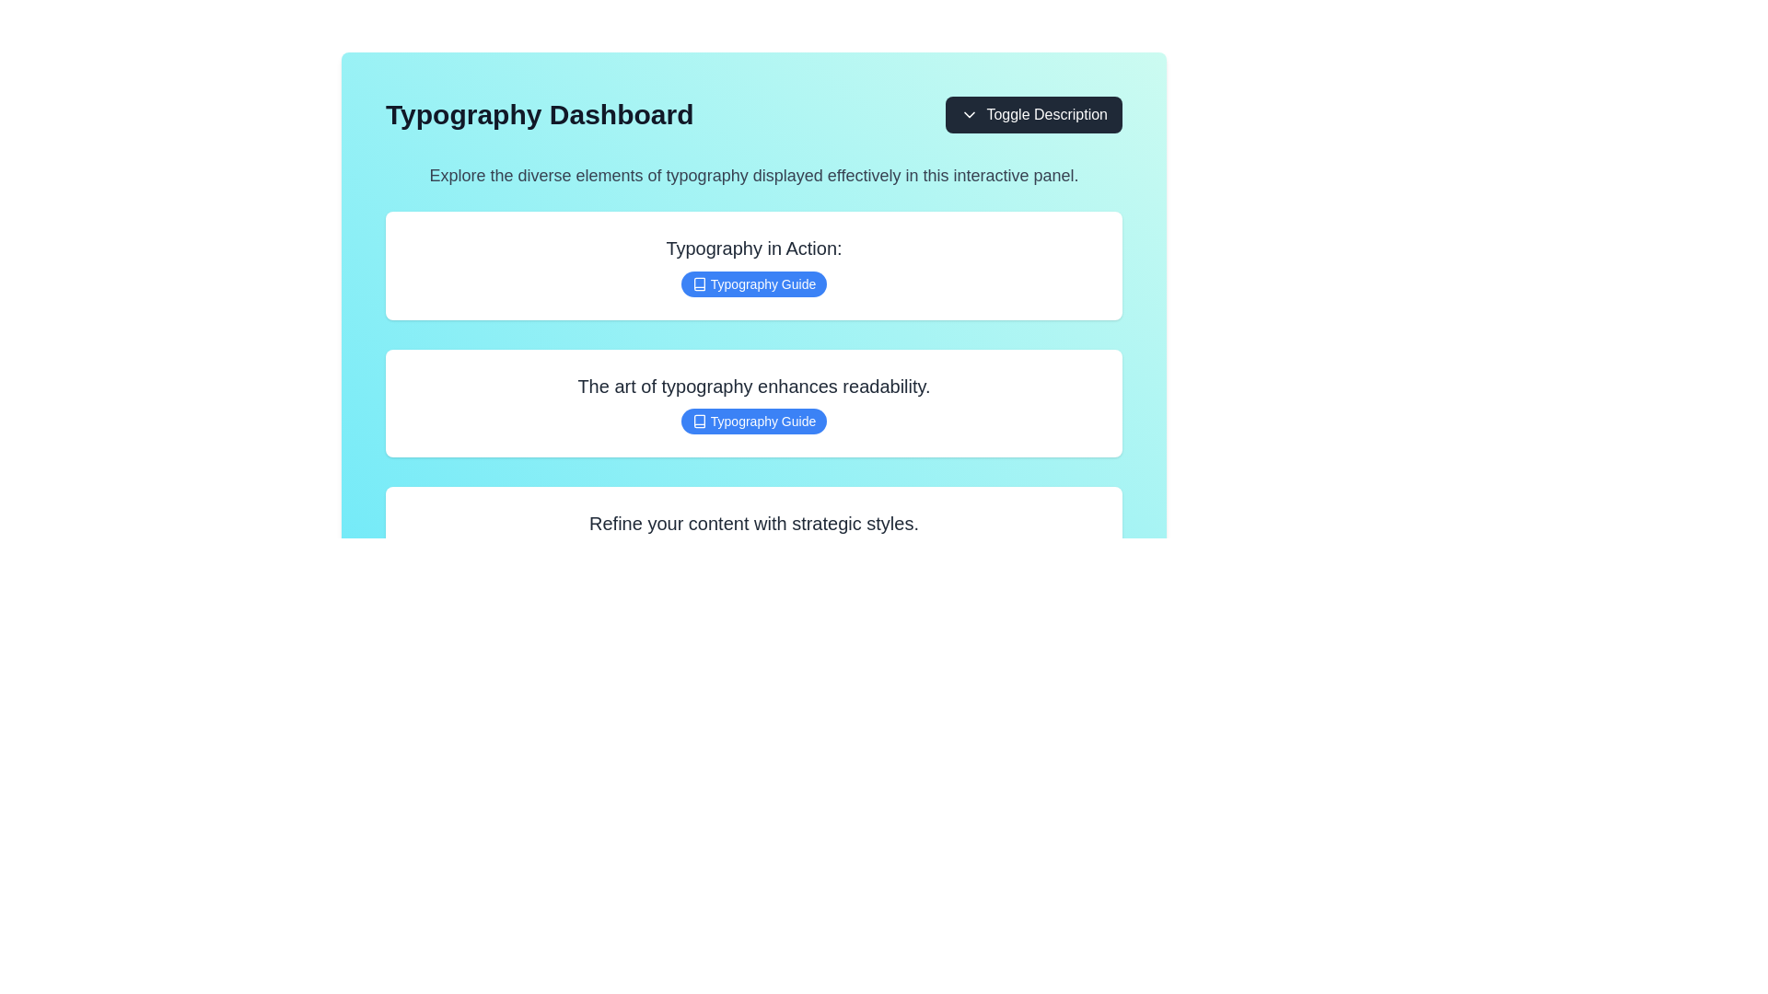 The image size is (1768, 994). Describe the element at coordinates (969, 114) in the screenshot. I see `the icon located to the left of the 'Toggle Description' text to interact with the connected toggle button, which allows for expanding or collapsing content` at that location.